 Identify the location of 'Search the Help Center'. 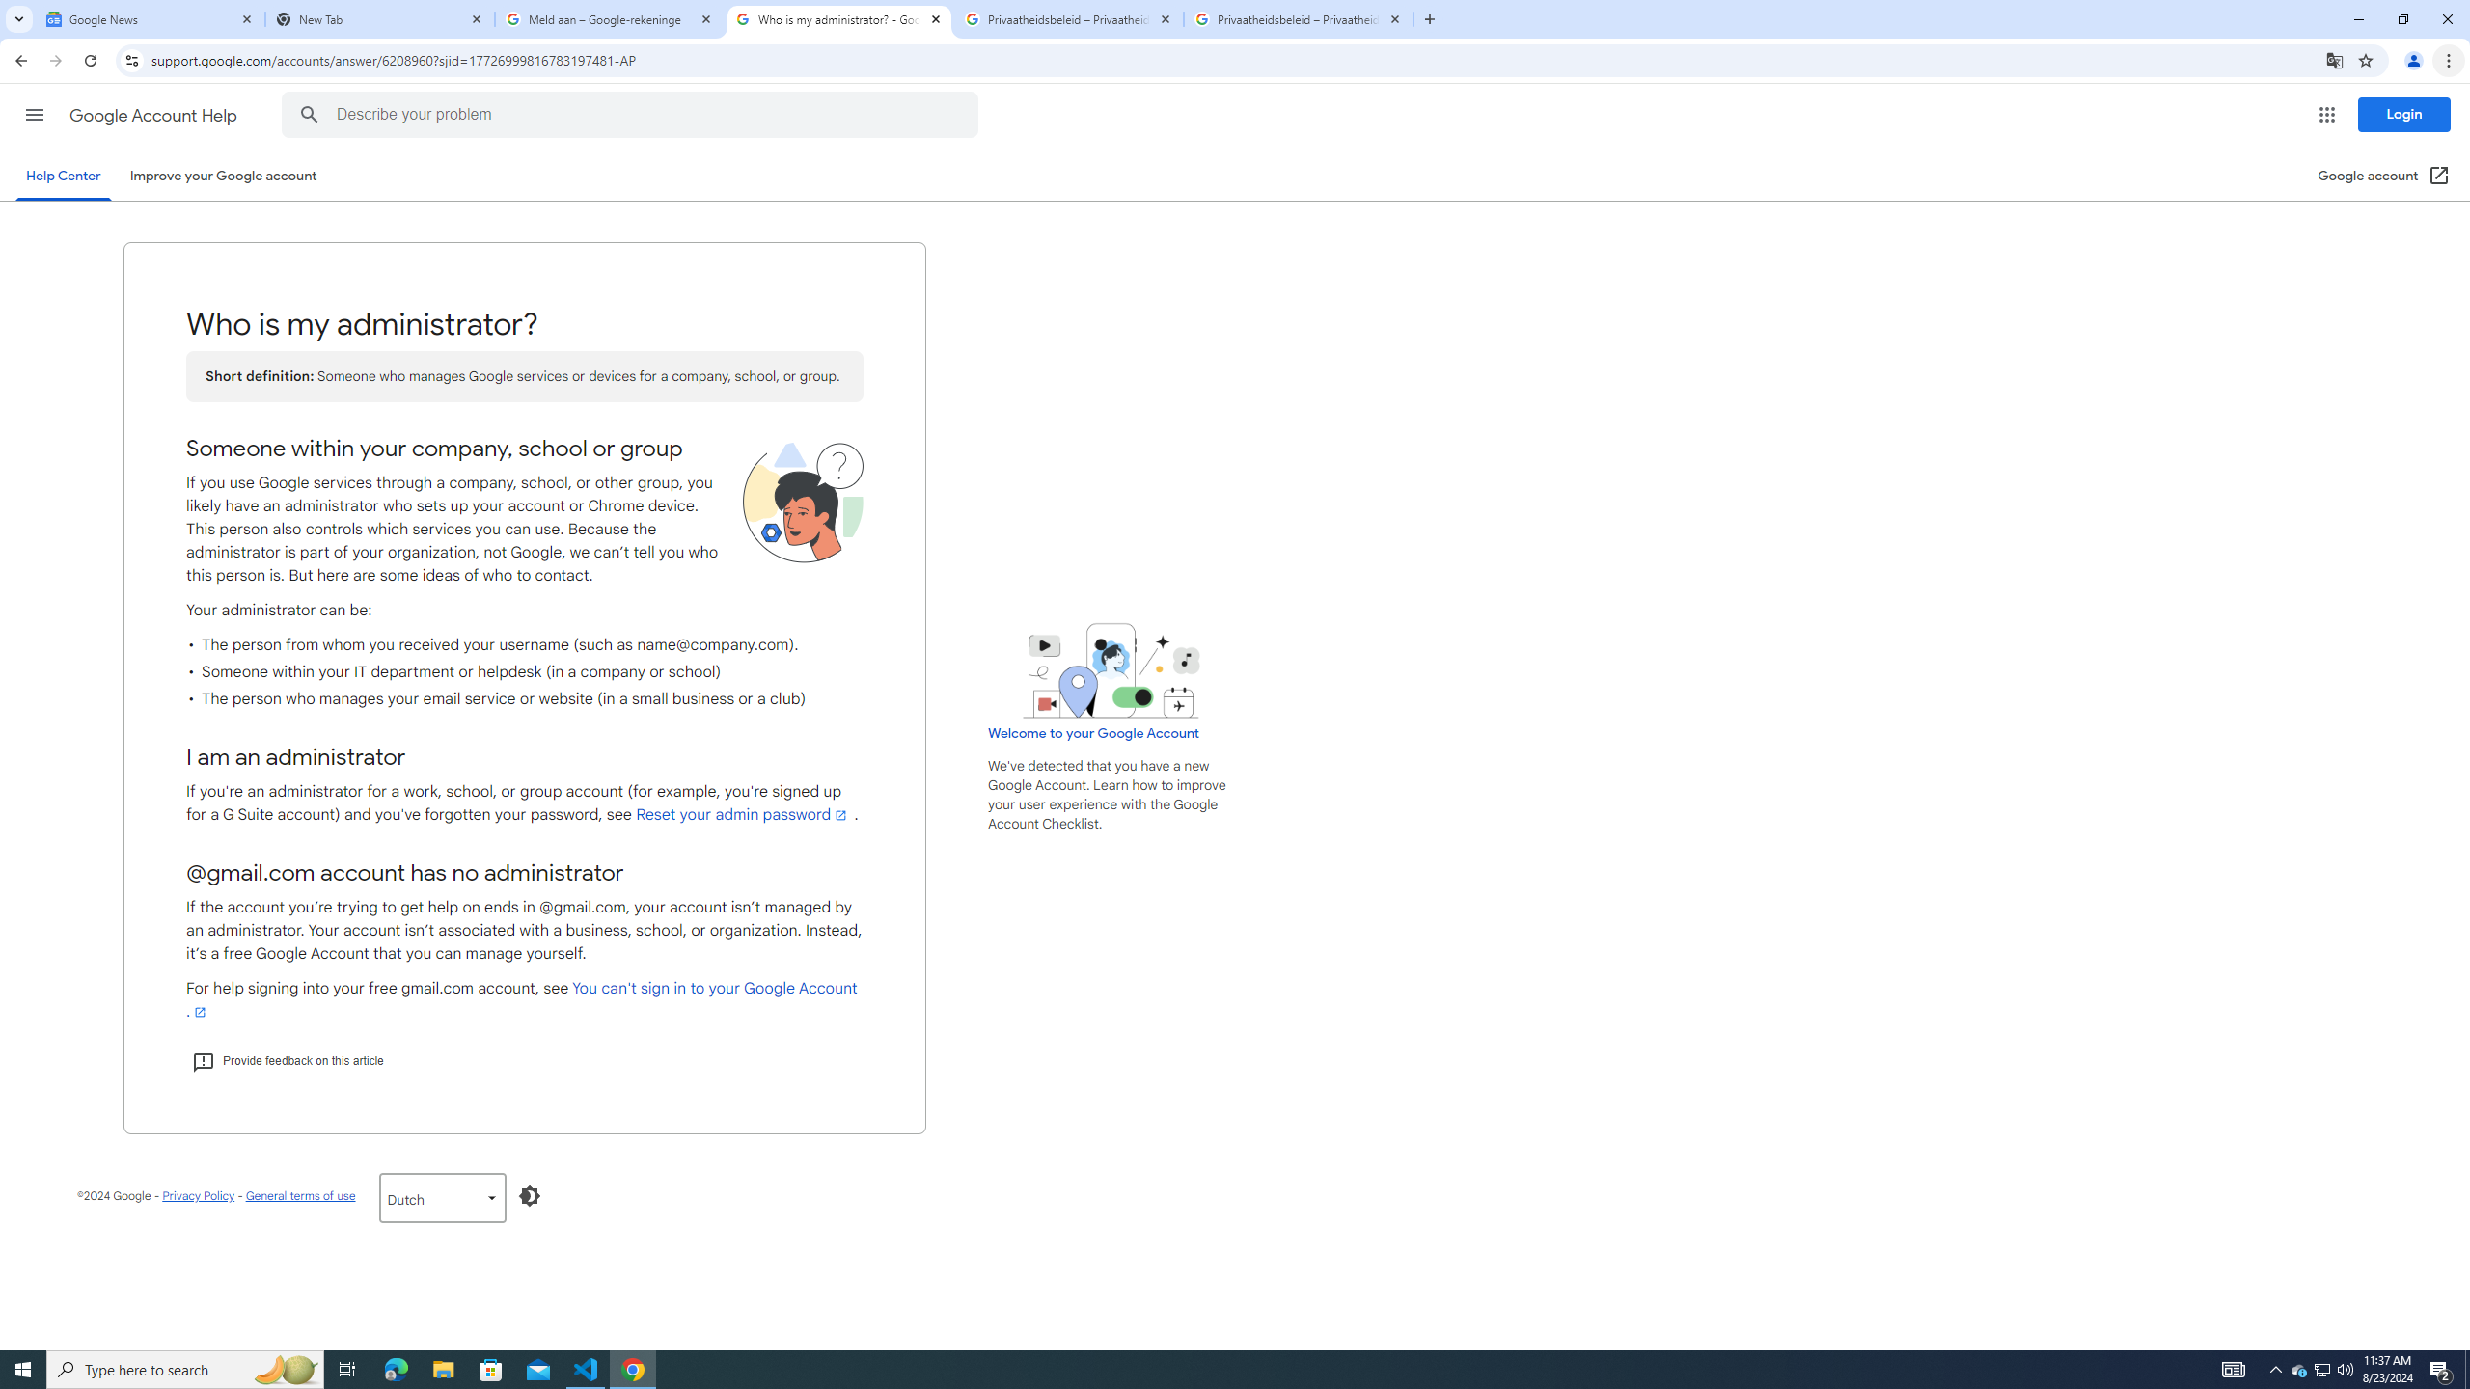
(308, 114).